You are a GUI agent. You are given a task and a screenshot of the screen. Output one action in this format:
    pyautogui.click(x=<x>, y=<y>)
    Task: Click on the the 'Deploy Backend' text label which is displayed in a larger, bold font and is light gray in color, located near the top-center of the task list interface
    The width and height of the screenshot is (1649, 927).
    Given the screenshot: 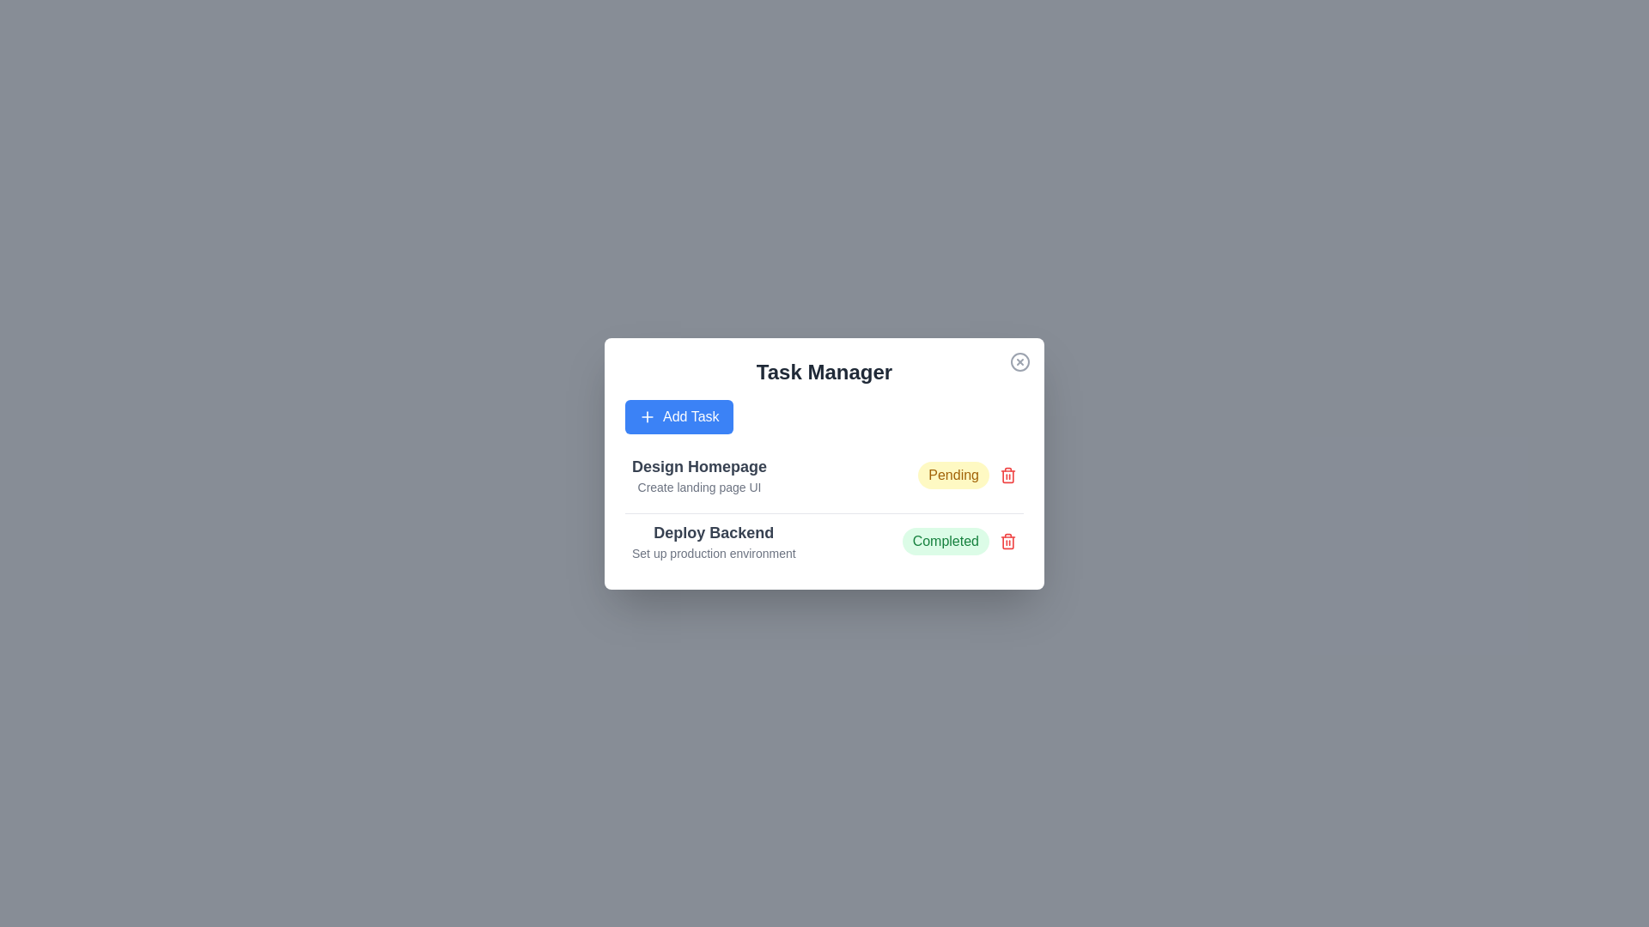 What is the action you would take?
    pyautogui.click(x=714, y=531)
    